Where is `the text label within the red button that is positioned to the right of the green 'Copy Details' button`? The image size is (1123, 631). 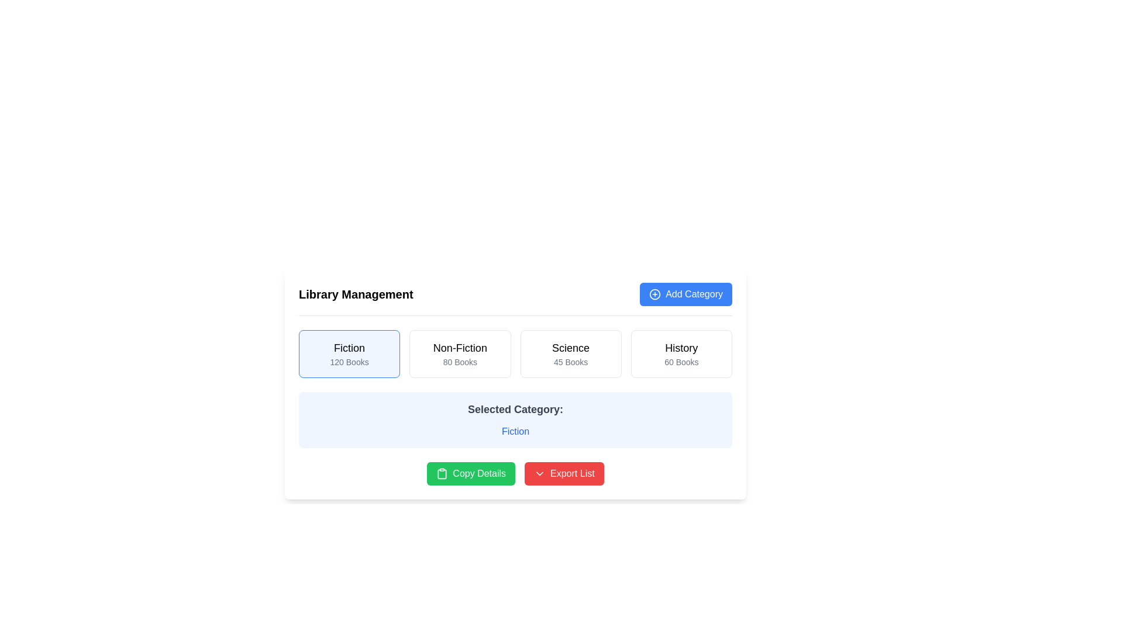
the text label within the red button that is positioned to the right of the green 'Copy Details' button is located at coordinates (572, 473).